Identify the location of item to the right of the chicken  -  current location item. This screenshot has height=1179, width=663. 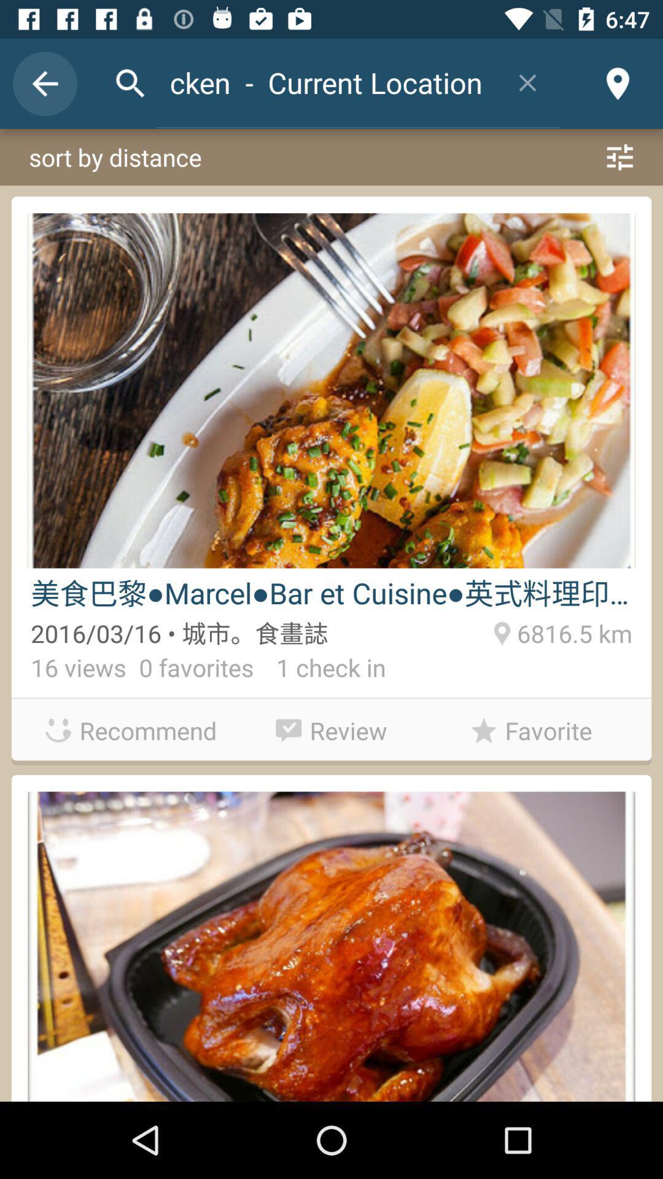
(527, 82).